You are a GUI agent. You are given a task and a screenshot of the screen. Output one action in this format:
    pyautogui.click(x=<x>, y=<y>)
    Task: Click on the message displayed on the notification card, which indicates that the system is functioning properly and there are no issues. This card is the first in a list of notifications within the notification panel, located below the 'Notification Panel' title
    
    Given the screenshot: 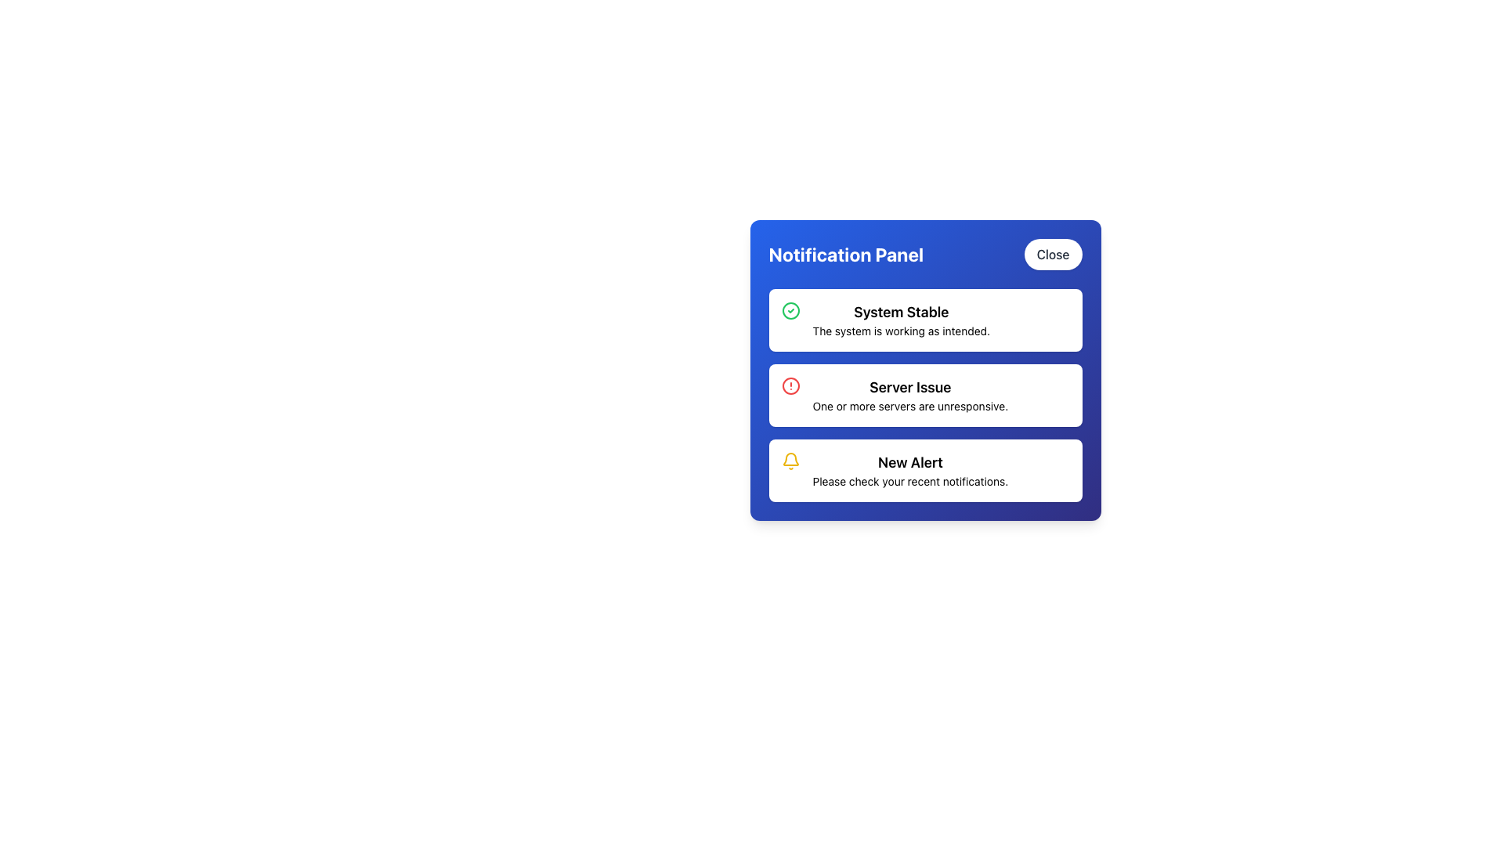 What is the action you would take?
    pyautogui.click(x=925, y=319)
    